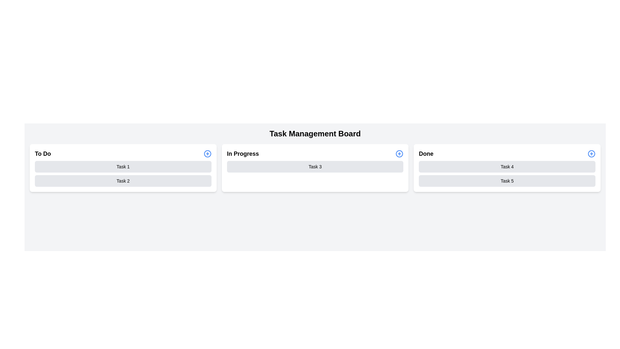 Image resolution: width=620 pixels, height=349 pixels. What do you see at coordinates (315, 153) in the screenshot?
I see `the text in the 'In Progress' header bar` at bounding box center [315, 153].